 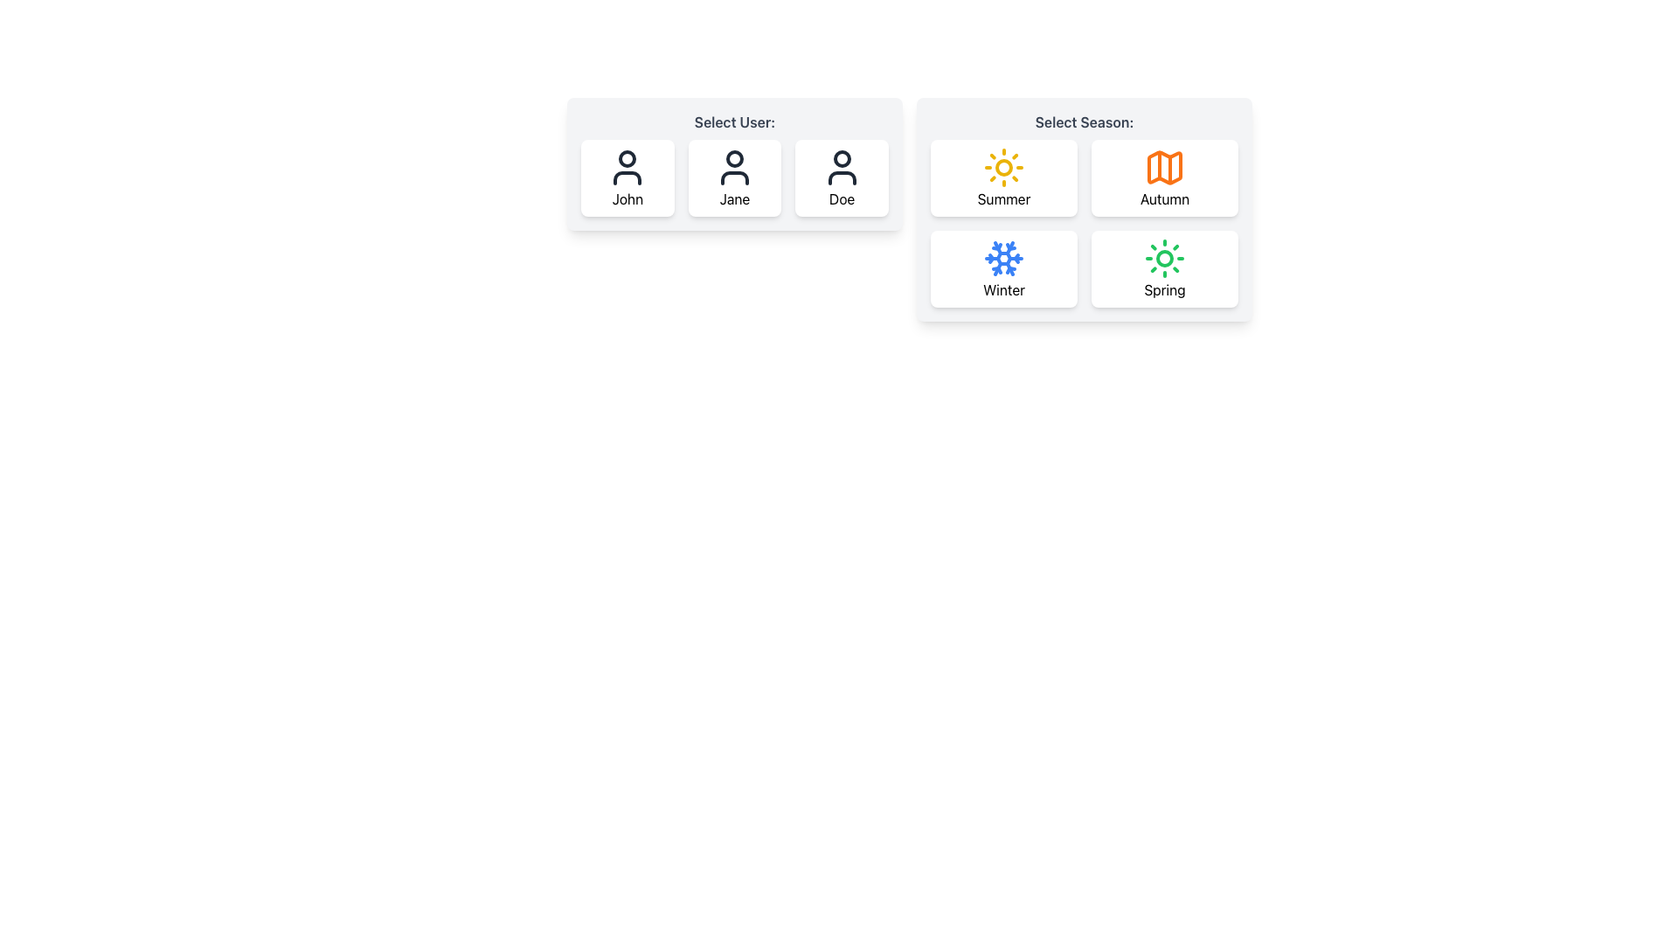 I want to click on the 'Summer' season icon in the 'Select Season' interface, which is located in the top-left section of the grid, so click(x=1003, y=168).